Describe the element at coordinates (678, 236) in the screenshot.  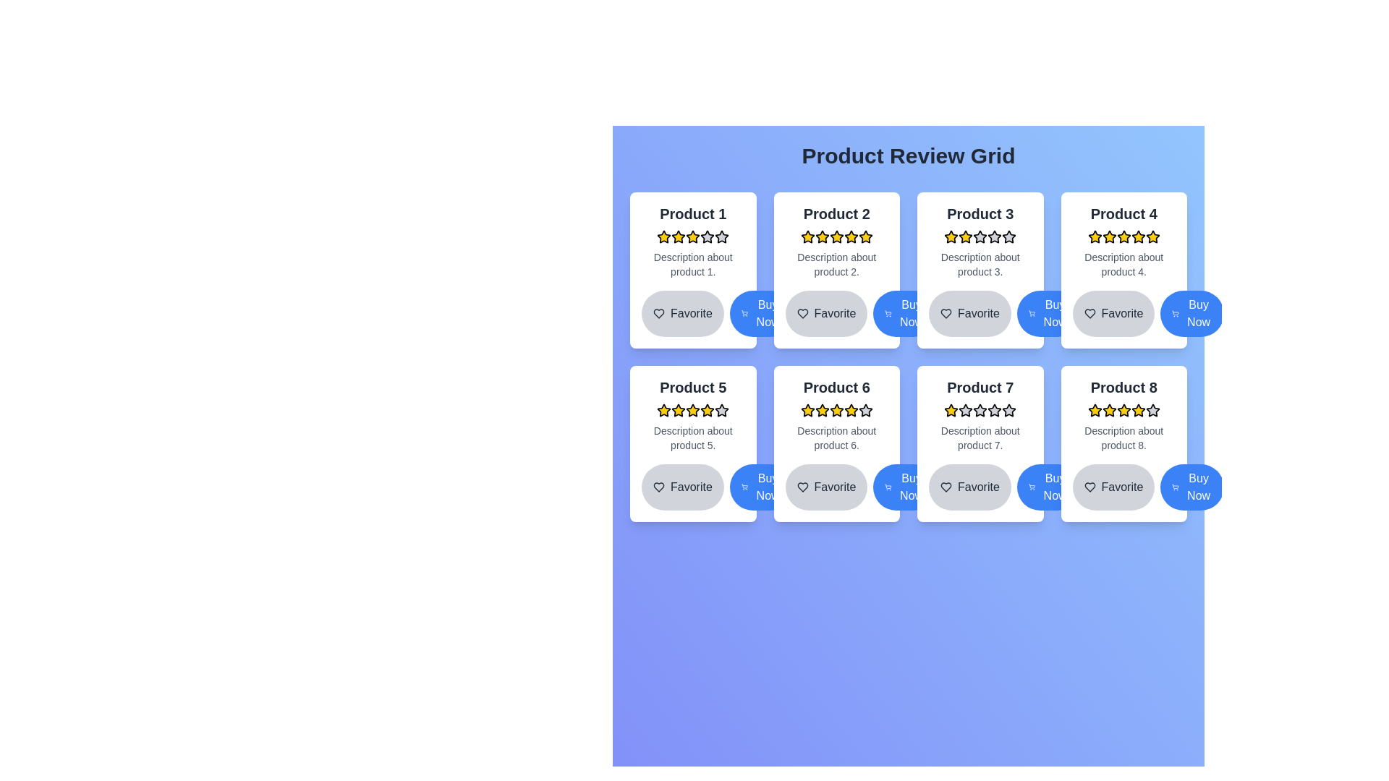
I see `the third yellow star icon in the rating component for 'Product 1', which is styled as a filled star with black borders` at that location.